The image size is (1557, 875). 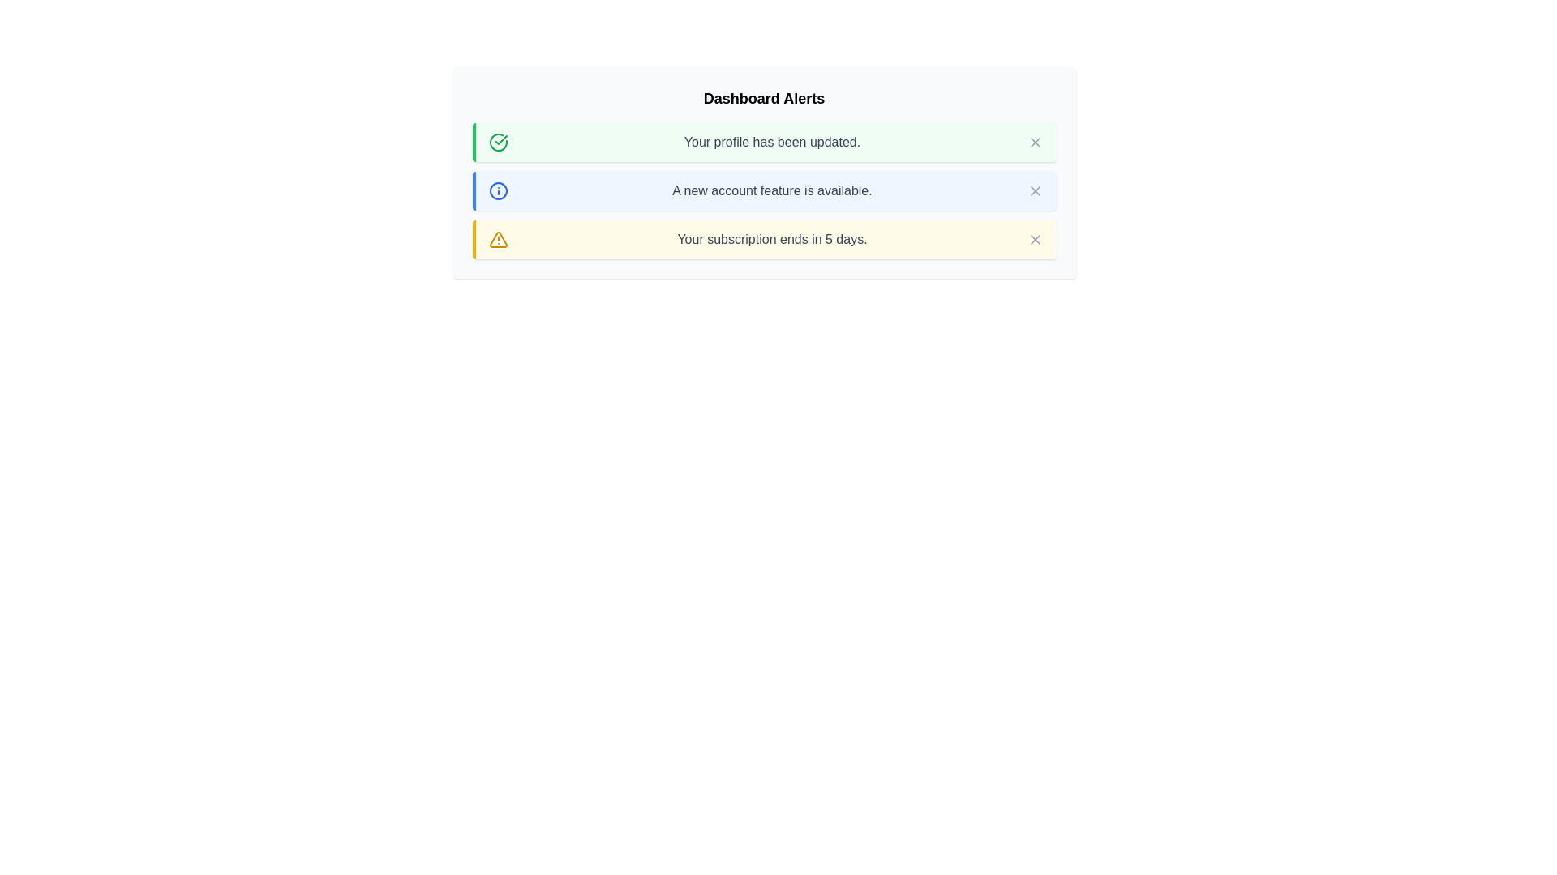 What do you see at coordinates (1034, 190) in the screenshot?
I see `the 'X' icon on the far right of the notification panel` at bounding box center [1034, 190].